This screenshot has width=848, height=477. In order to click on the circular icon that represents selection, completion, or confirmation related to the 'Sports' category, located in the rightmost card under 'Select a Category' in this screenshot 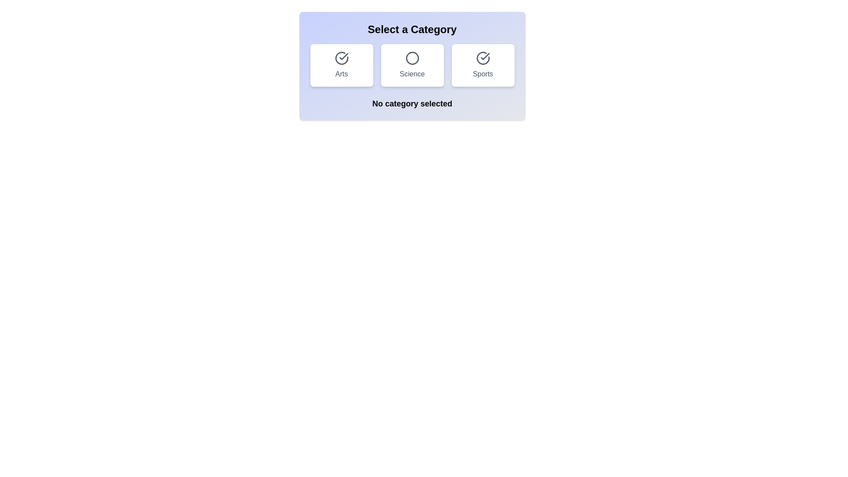, I will do `click(343, 56)`.